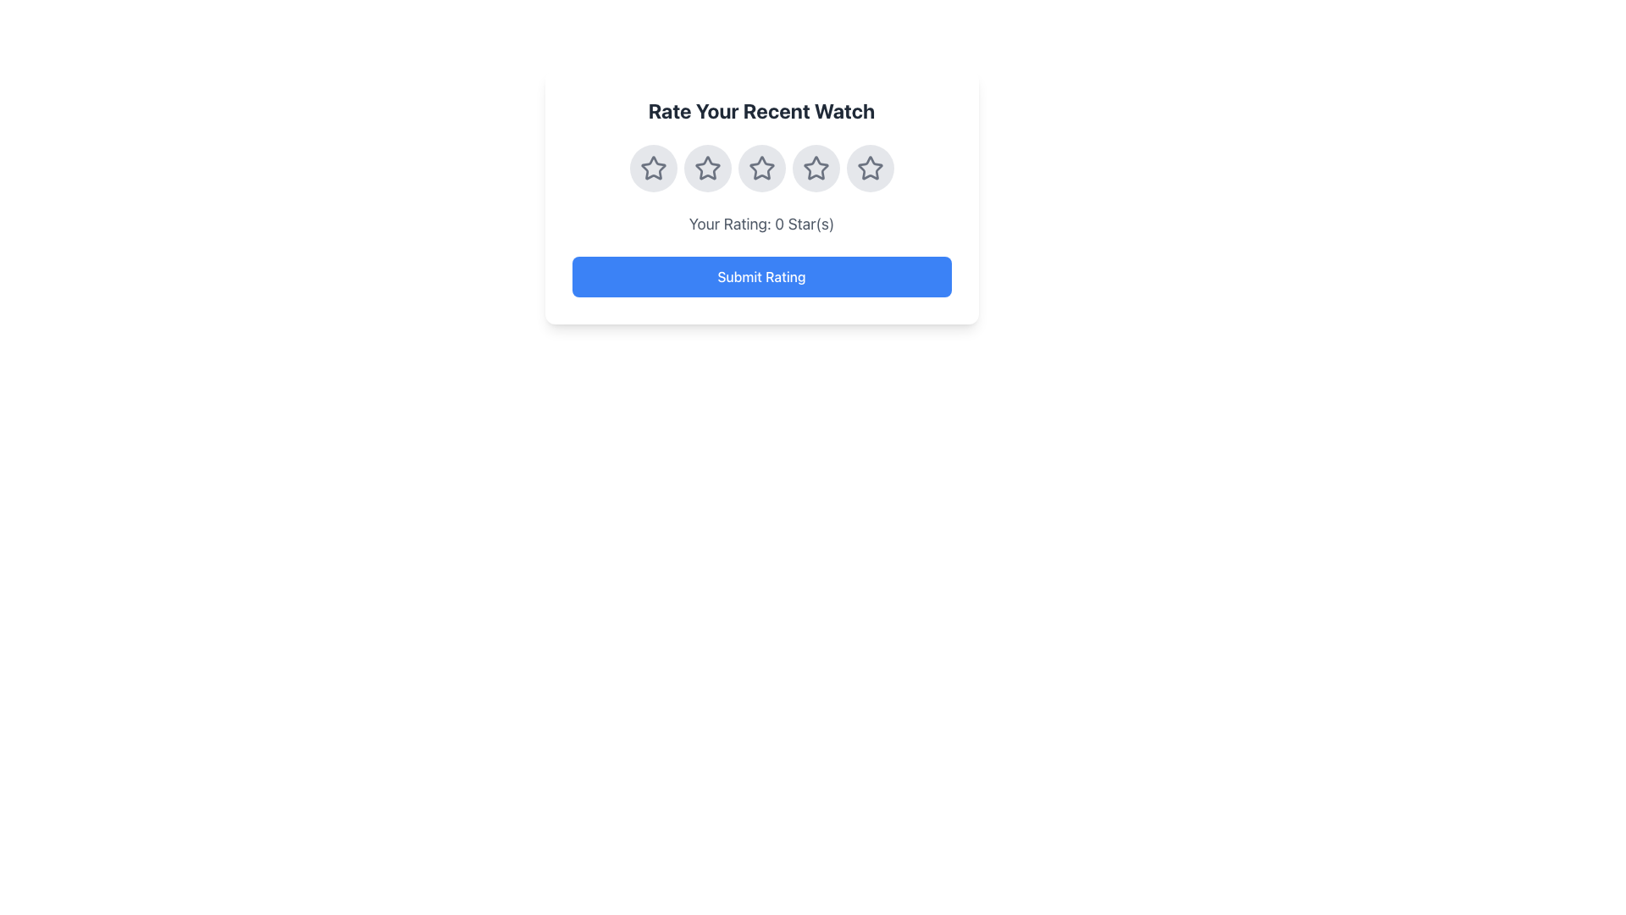  I want to click on the submission button for the rating system located below the text 'Your Rating: 0 Star(s)', so click(760, 276).